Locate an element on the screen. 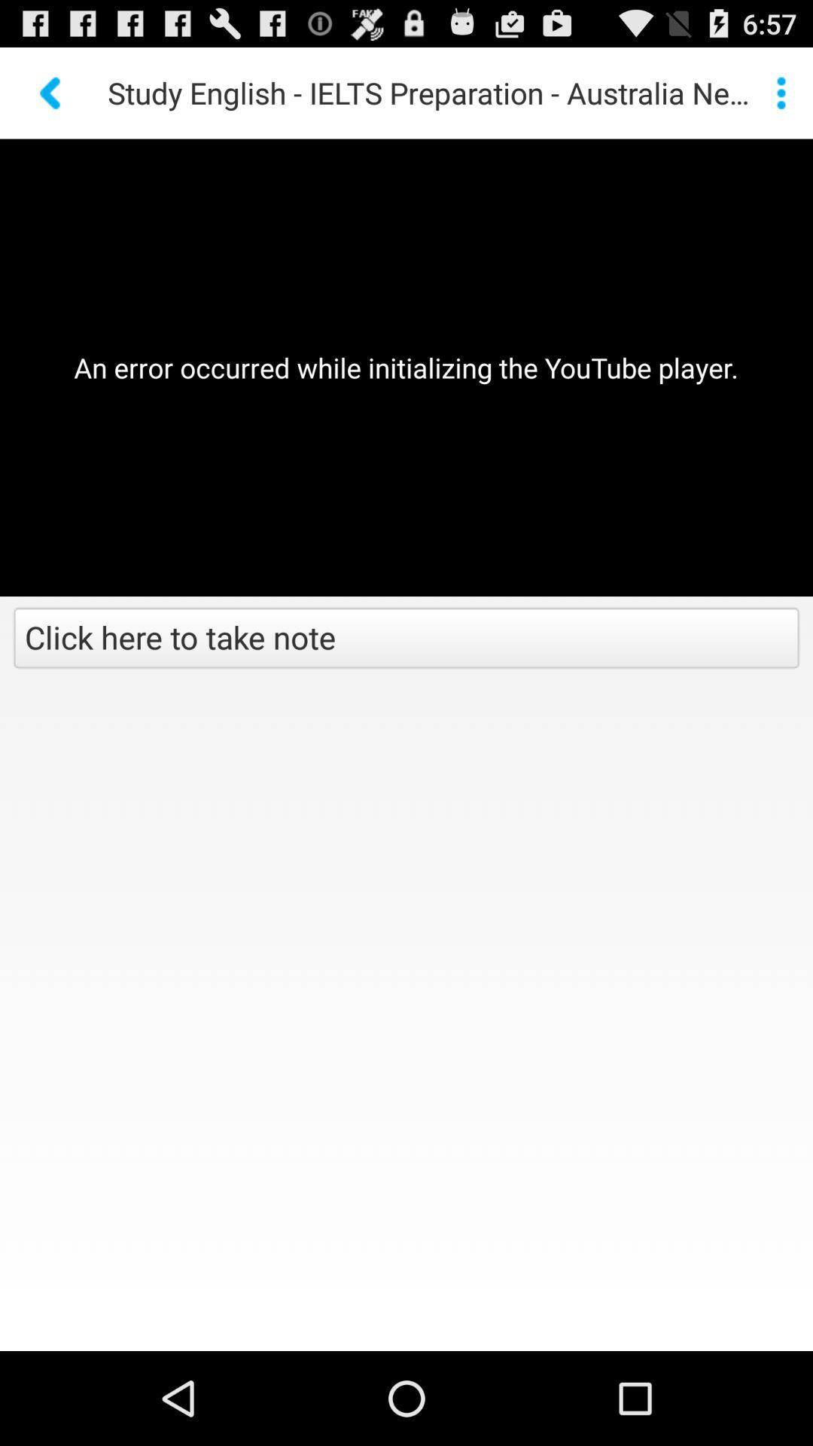 The image size is (813, 1446). item next to study english ielts item is located at coordinates (780, 92).